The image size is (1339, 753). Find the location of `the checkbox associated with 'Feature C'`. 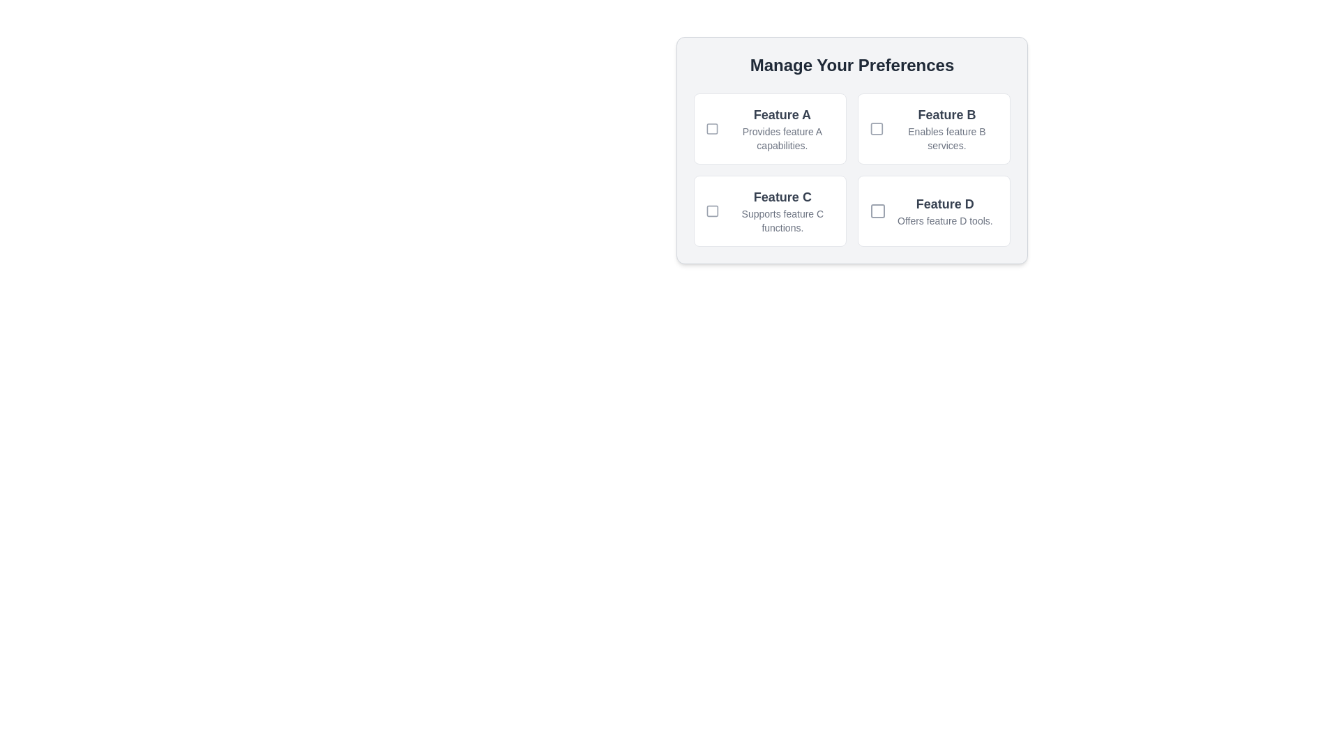

the checkbox associated with 'Feature C' is located at coordinates (712, 211).